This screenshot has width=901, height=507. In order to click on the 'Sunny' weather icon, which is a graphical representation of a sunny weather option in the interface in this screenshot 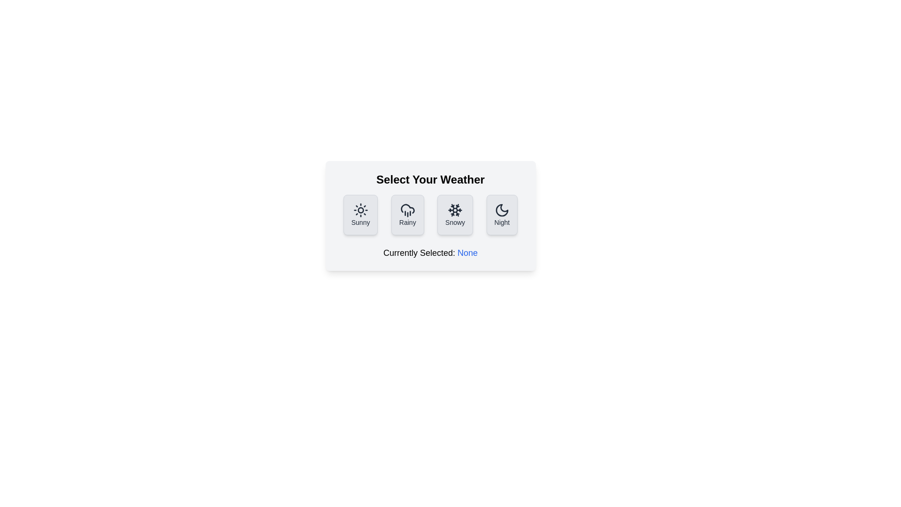, I will do `click(360, 209)`.